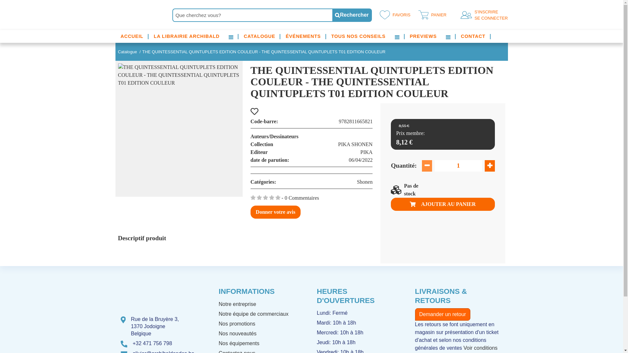 The image size is (628, 353). Describe the element at coordinates (356, 182) in the screenshot. I see `'Shonen'` at that location.